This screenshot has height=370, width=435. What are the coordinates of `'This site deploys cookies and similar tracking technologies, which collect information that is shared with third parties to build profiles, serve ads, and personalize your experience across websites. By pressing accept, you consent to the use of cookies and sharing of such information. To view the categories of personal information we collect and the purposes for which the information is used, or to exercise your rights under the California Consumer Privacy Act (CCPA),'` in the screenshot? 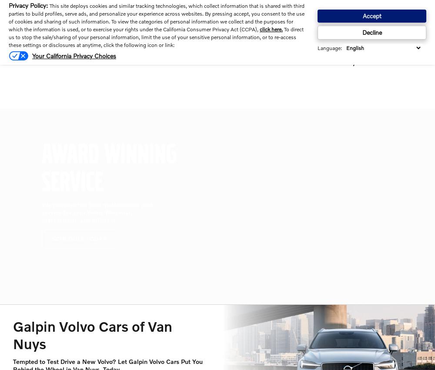 It's located at (156, 17).